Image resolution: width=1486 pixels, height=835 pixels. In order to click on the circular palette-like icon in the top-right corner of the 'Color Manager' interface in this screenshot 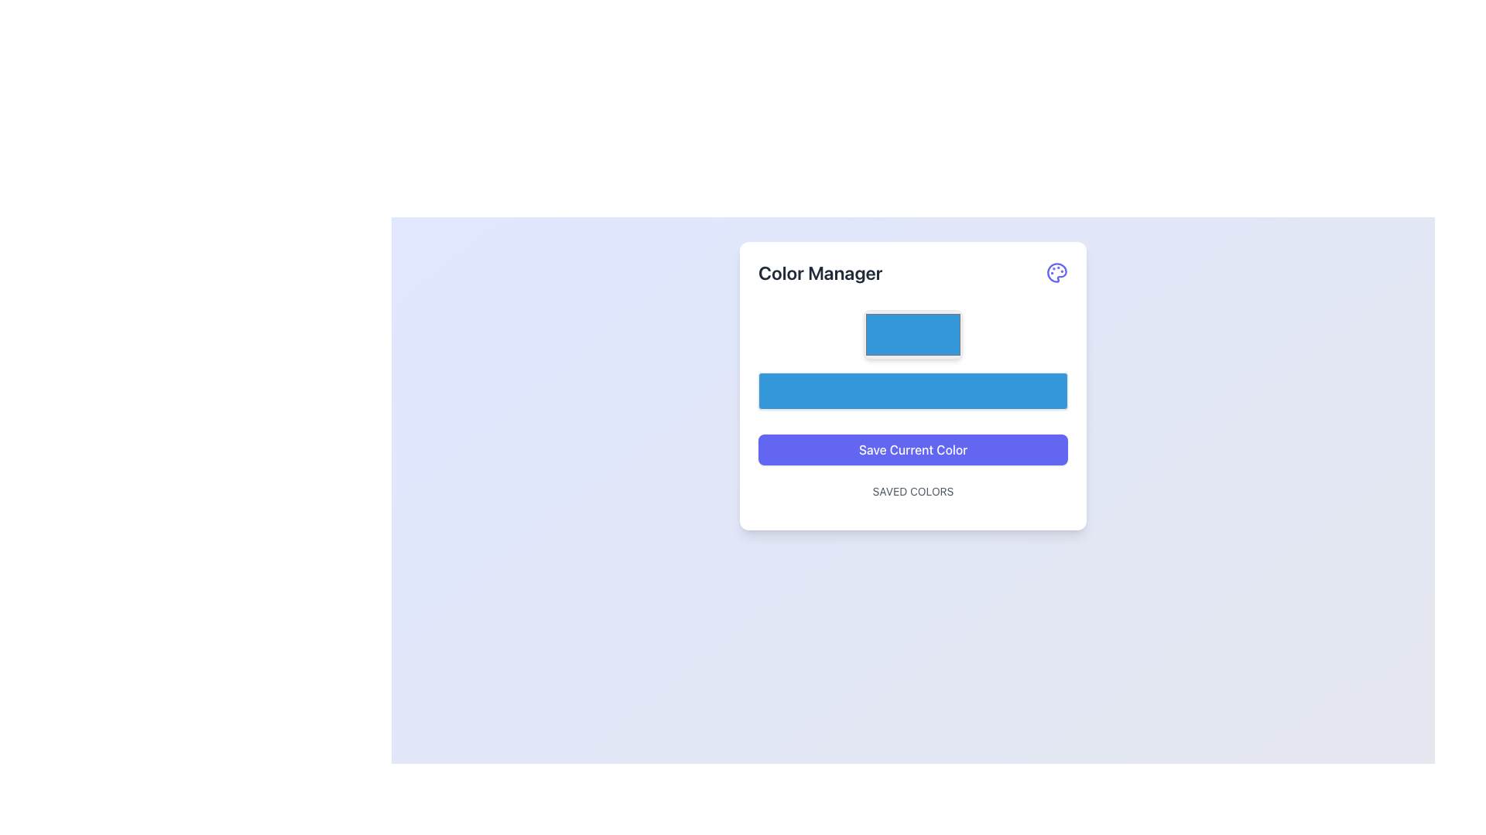, I will do `click(1056, 272)`.